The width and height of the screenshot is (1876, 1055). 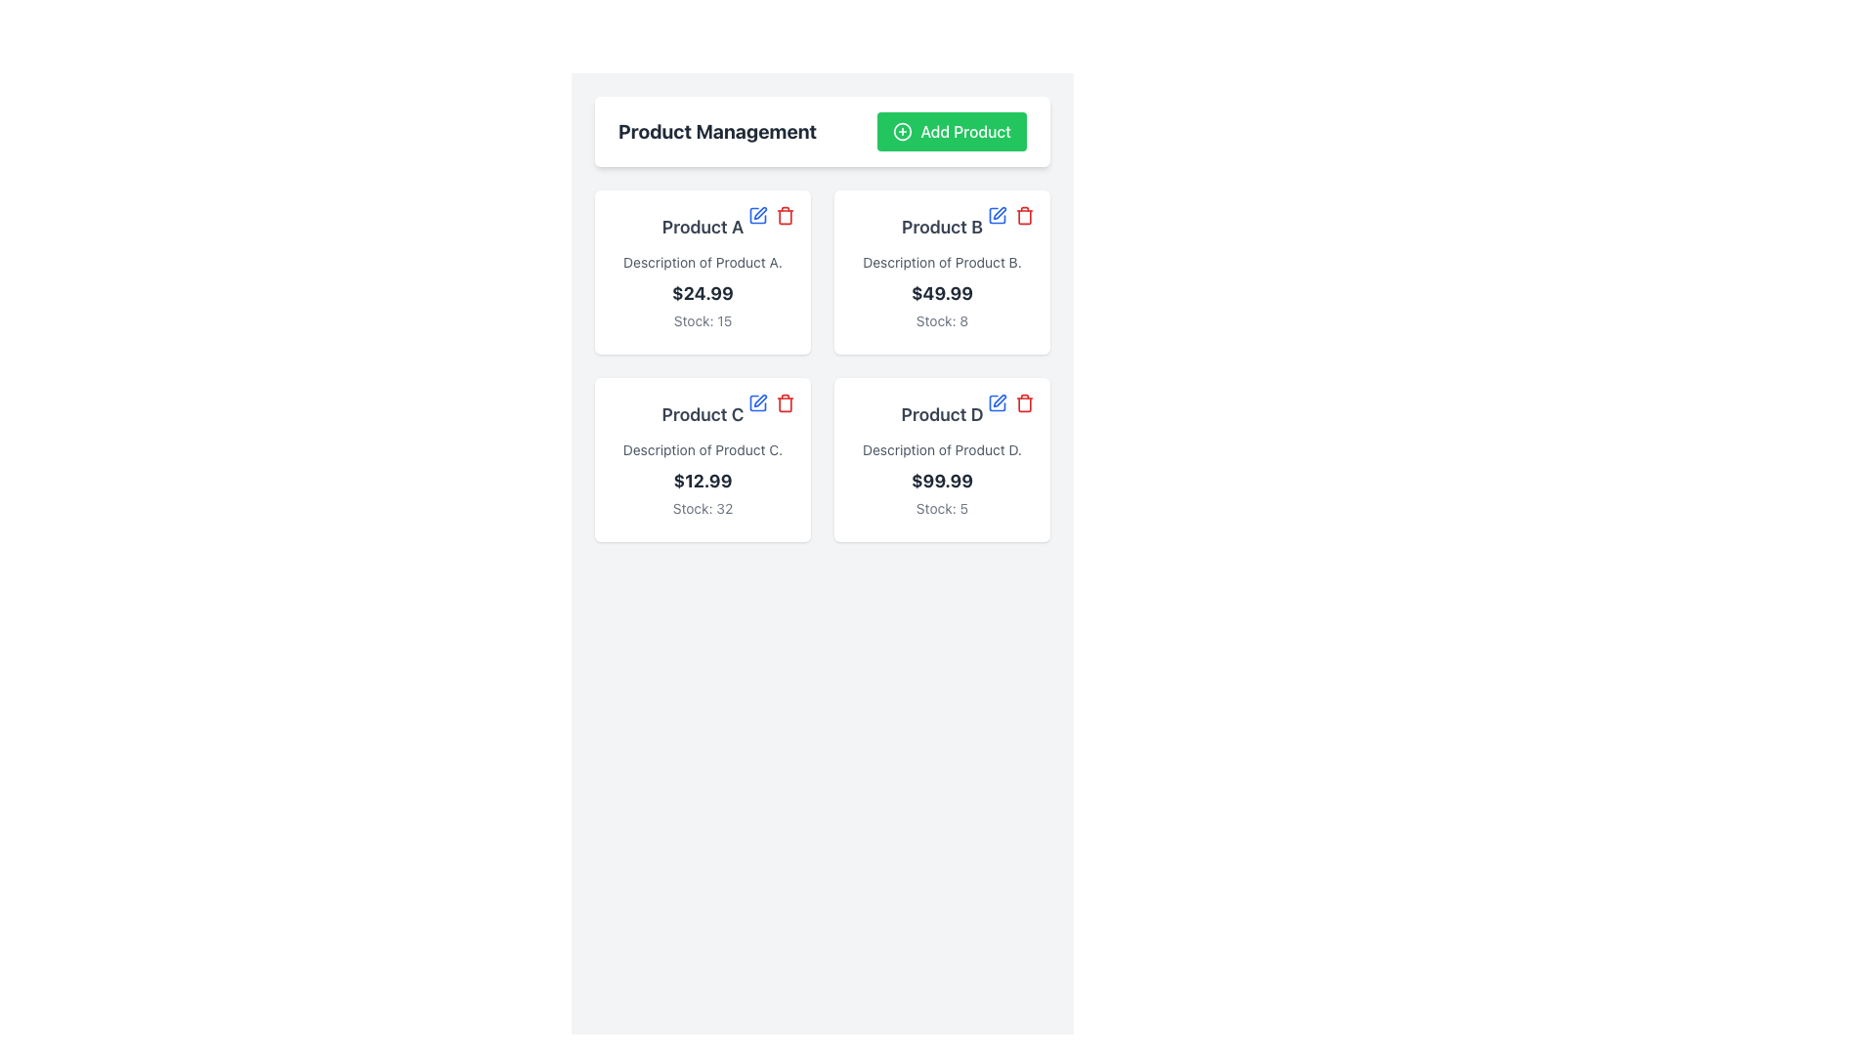 What do you see at coordinates (942, 319) in the screenshot?
I see `text content of the small gray 'Stock: 8' label located at the bottom of the 'Product B' card, beneath the price section` at bounding box center [942, 319].